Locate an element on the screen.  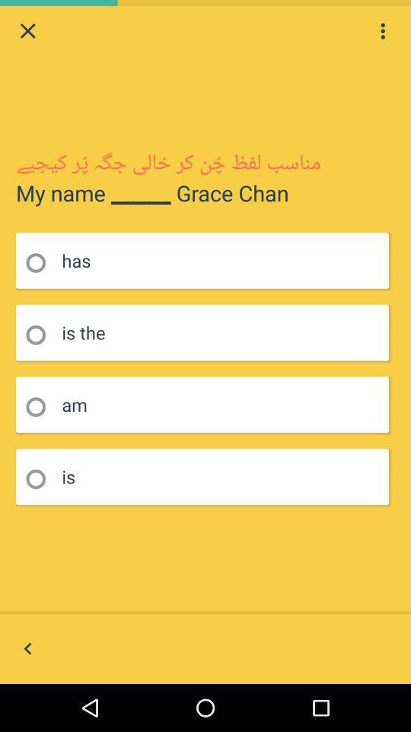
window is located at coordinates (27, 30).